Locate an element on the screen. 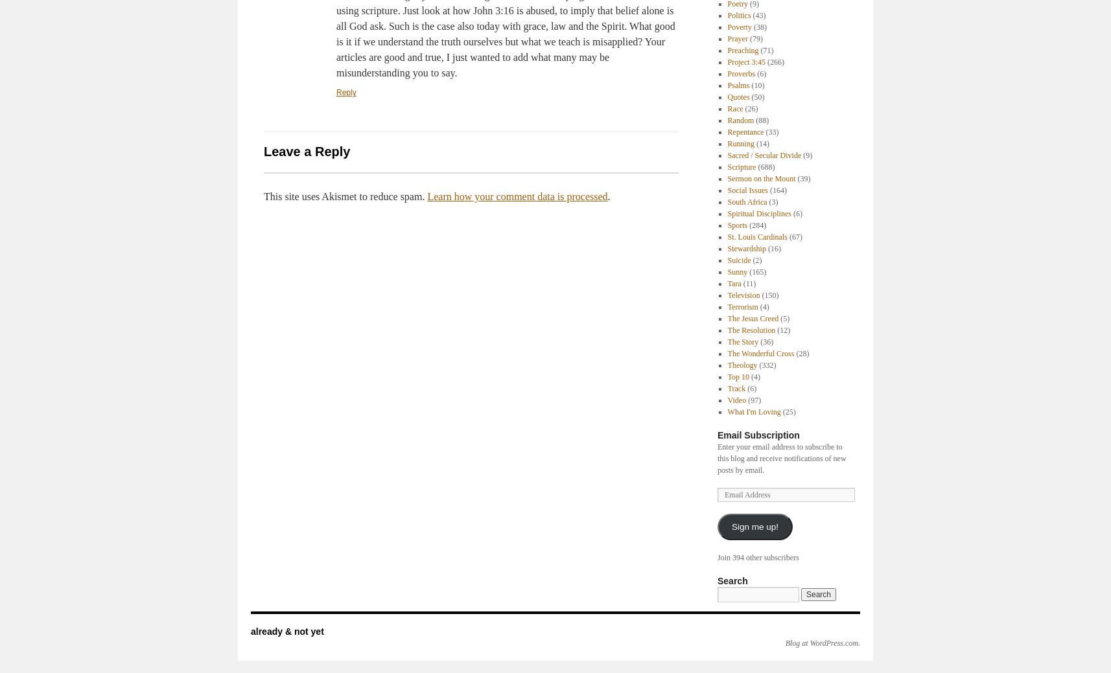 Image resolution: width=1111 pixels, height=673 pixels. 'Email Subscription' is located at coordinates (757, 435).